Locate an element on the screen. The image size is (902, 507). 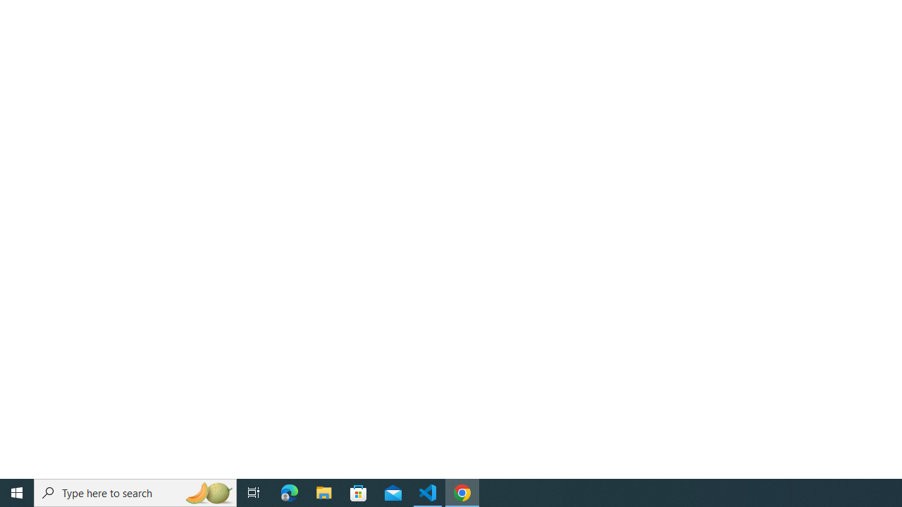
'File Explorer' is located at coordinates (323, 492).